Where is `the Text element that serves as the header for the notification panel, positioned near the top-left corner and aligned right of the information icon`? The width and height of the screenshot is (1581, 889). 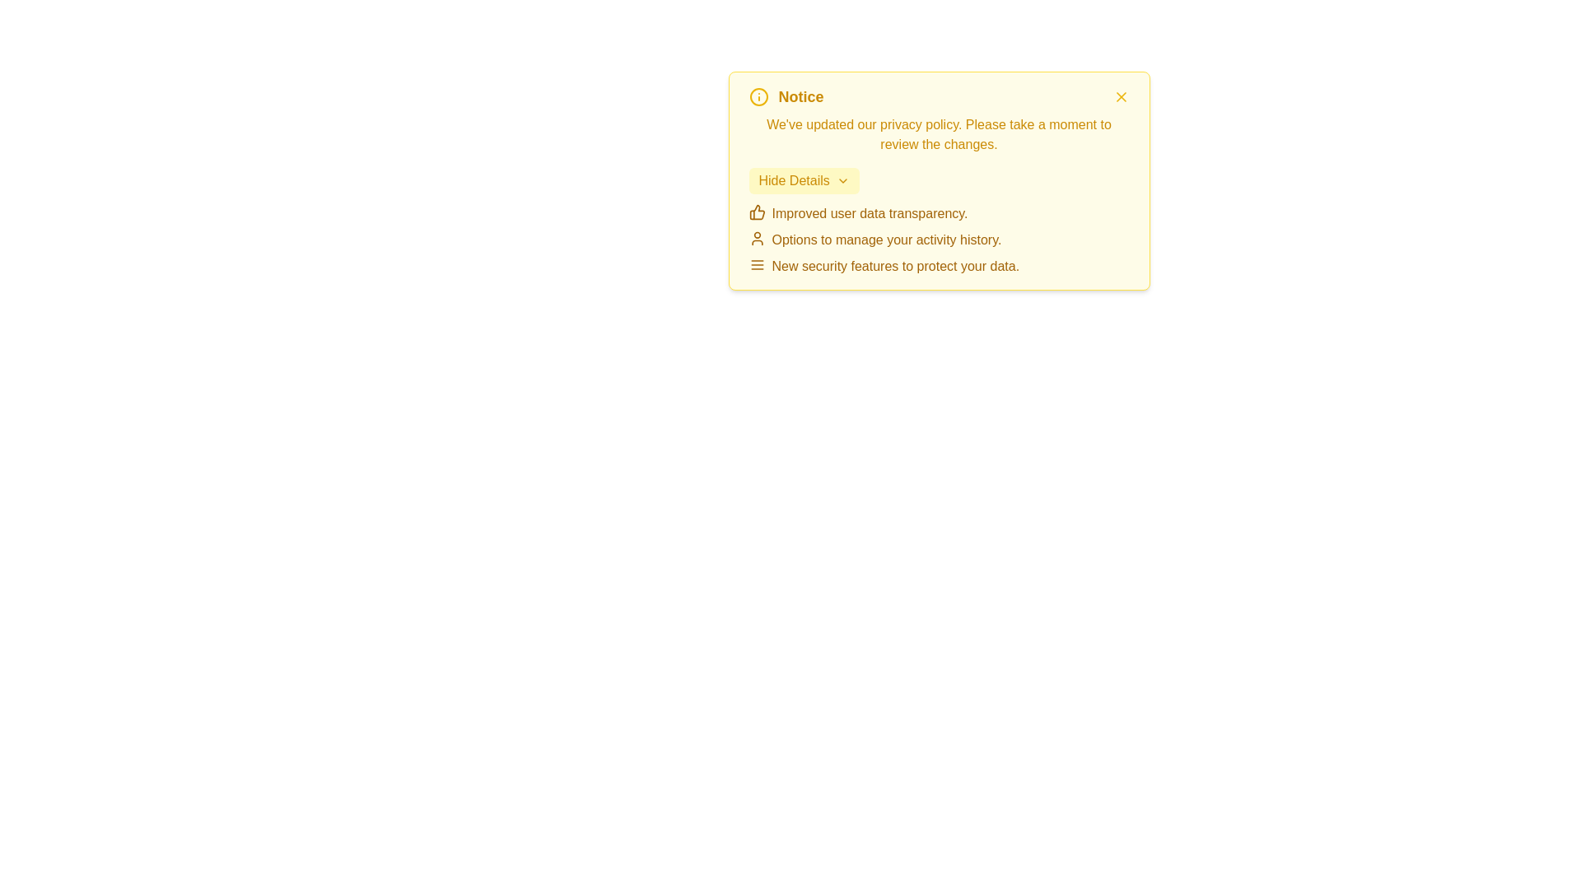
the Text element that serves as the header for the notification panel, positioned near the top-left corner and aligned right of the information icon is located at coordinates (801, 97).